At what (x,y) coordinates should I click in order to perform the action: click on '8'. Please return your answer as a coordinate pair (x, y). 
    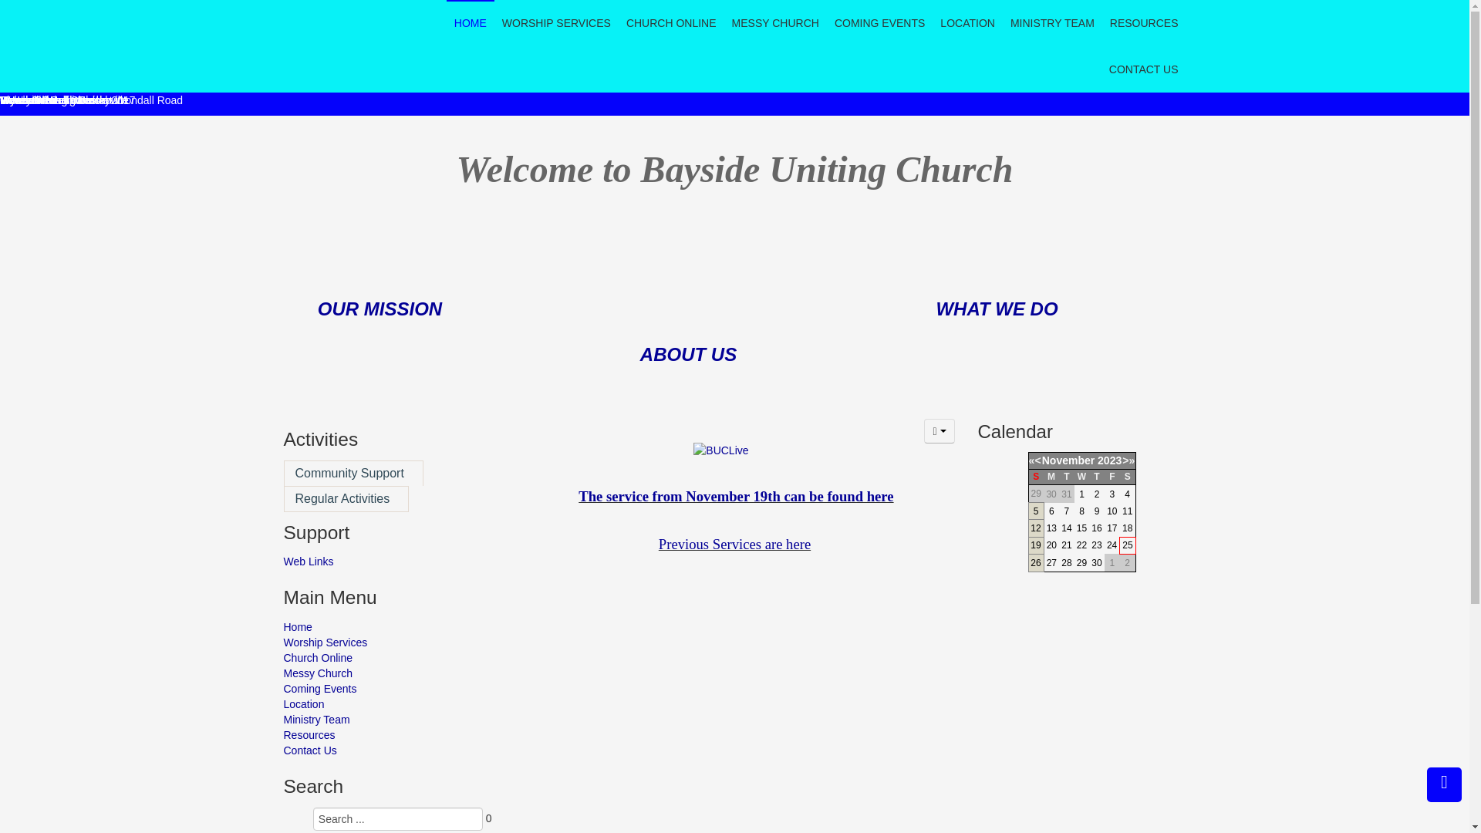
    Looking at the image, I should click on (1081, 511).